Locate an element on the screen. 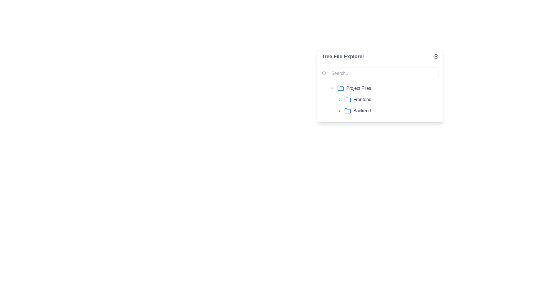 The width and height of the screenshot is (541, 304). the 'Frontend' folder icon in the 'Tree File Explorer' panel is located at coordinates (347, 99).